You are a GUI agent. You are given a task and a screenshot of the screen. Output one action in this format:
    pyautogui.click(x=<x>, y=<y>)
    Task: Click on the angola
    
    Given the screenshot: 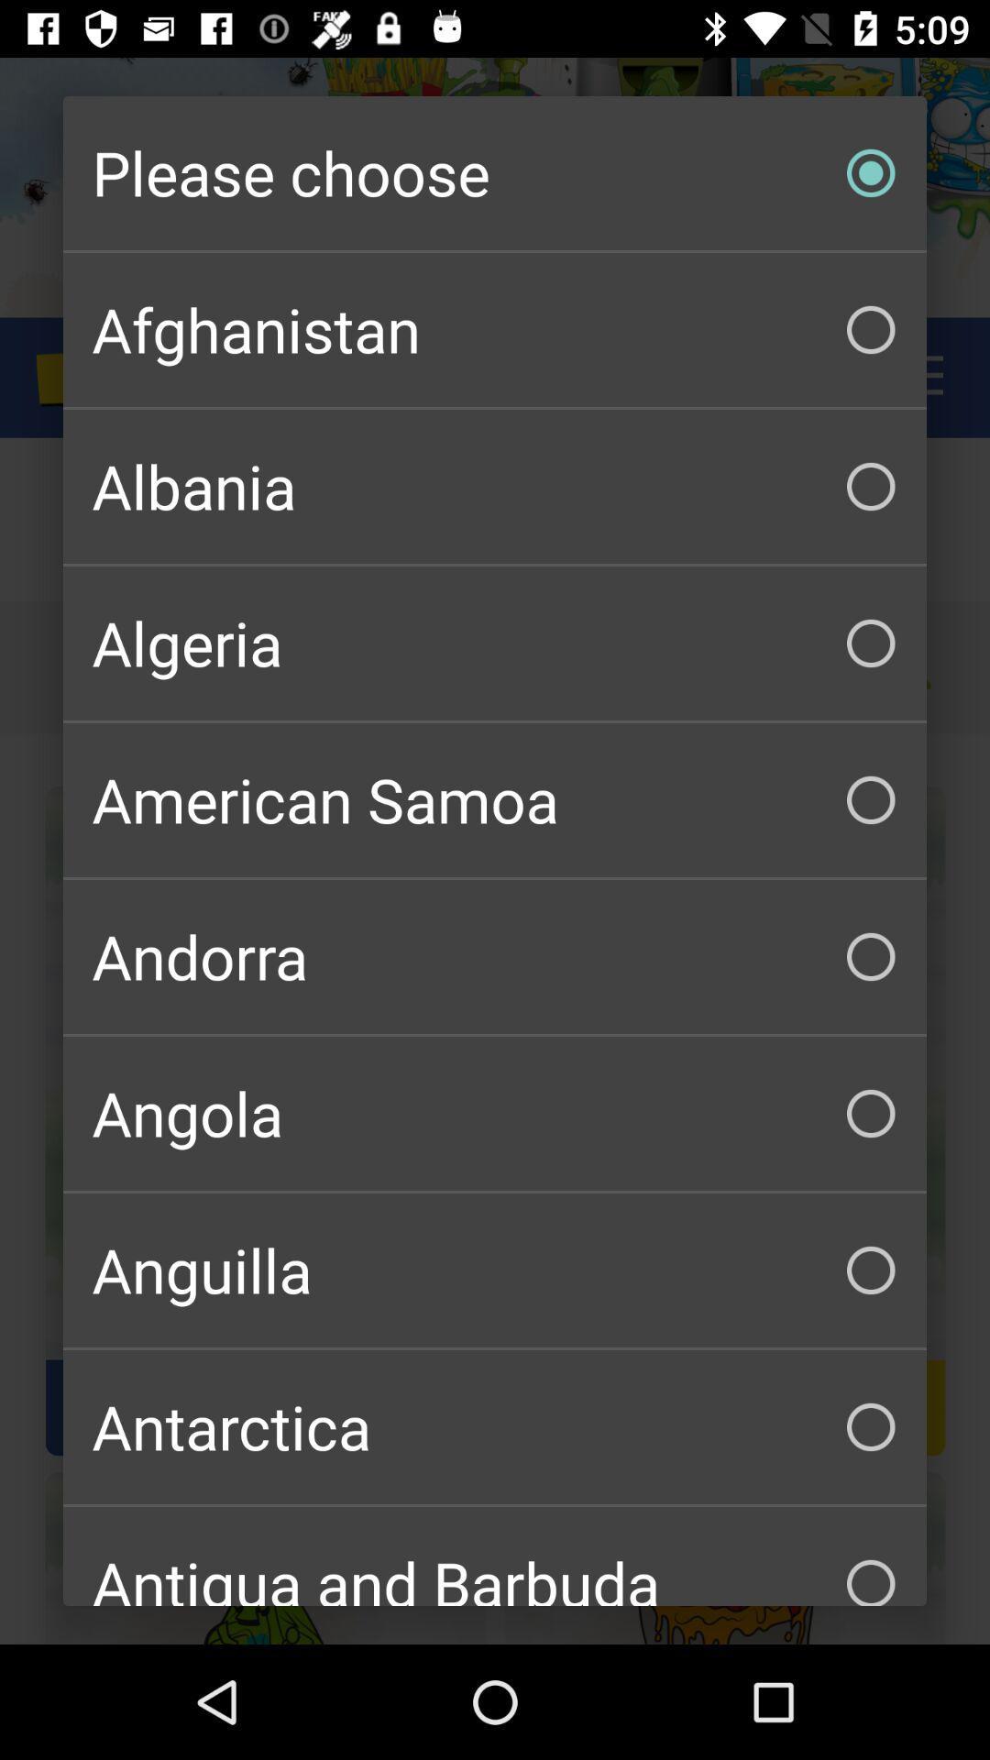 What is the action you would take?
    pyautogui.click(x=495, y=1112)
    